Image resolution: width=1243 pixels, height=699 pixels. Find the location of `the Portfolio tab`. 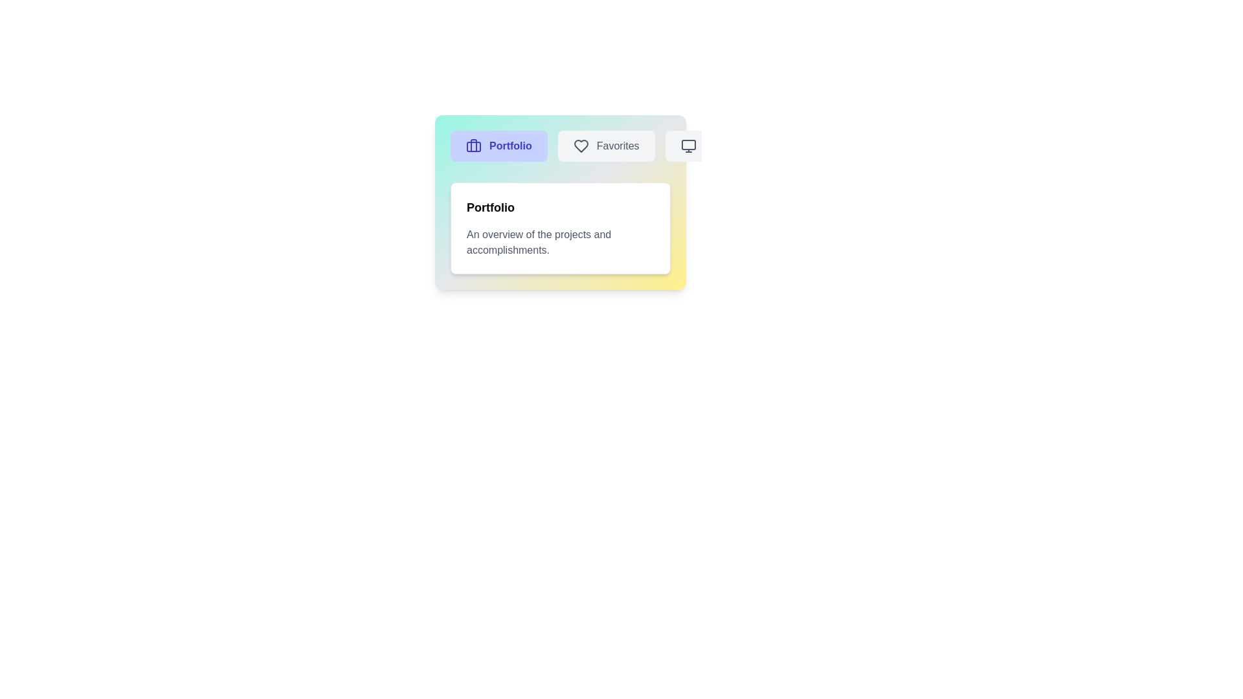

the Portfolio tab is located at coordinates (498, 146).